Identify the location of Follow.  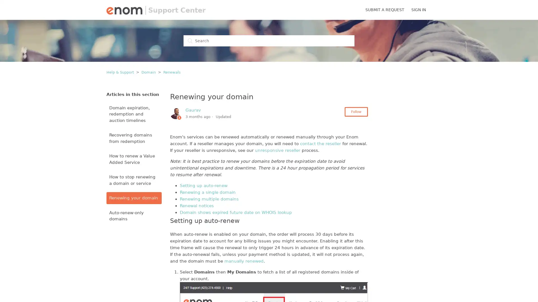
(356, 112).